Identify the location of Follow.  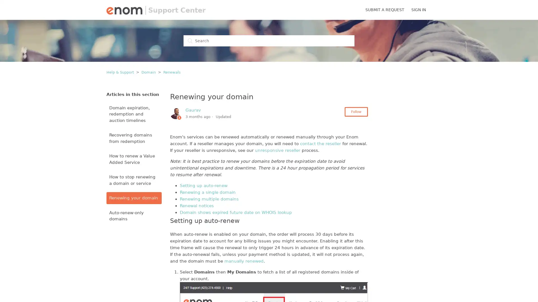
(356, 112).